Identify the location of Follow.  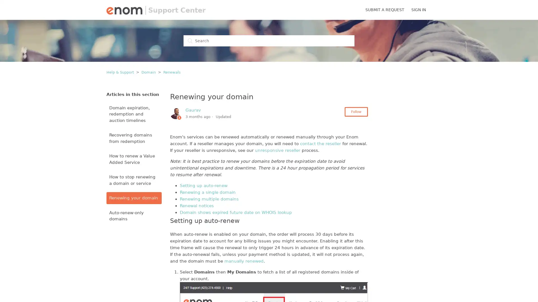
(356, 112).